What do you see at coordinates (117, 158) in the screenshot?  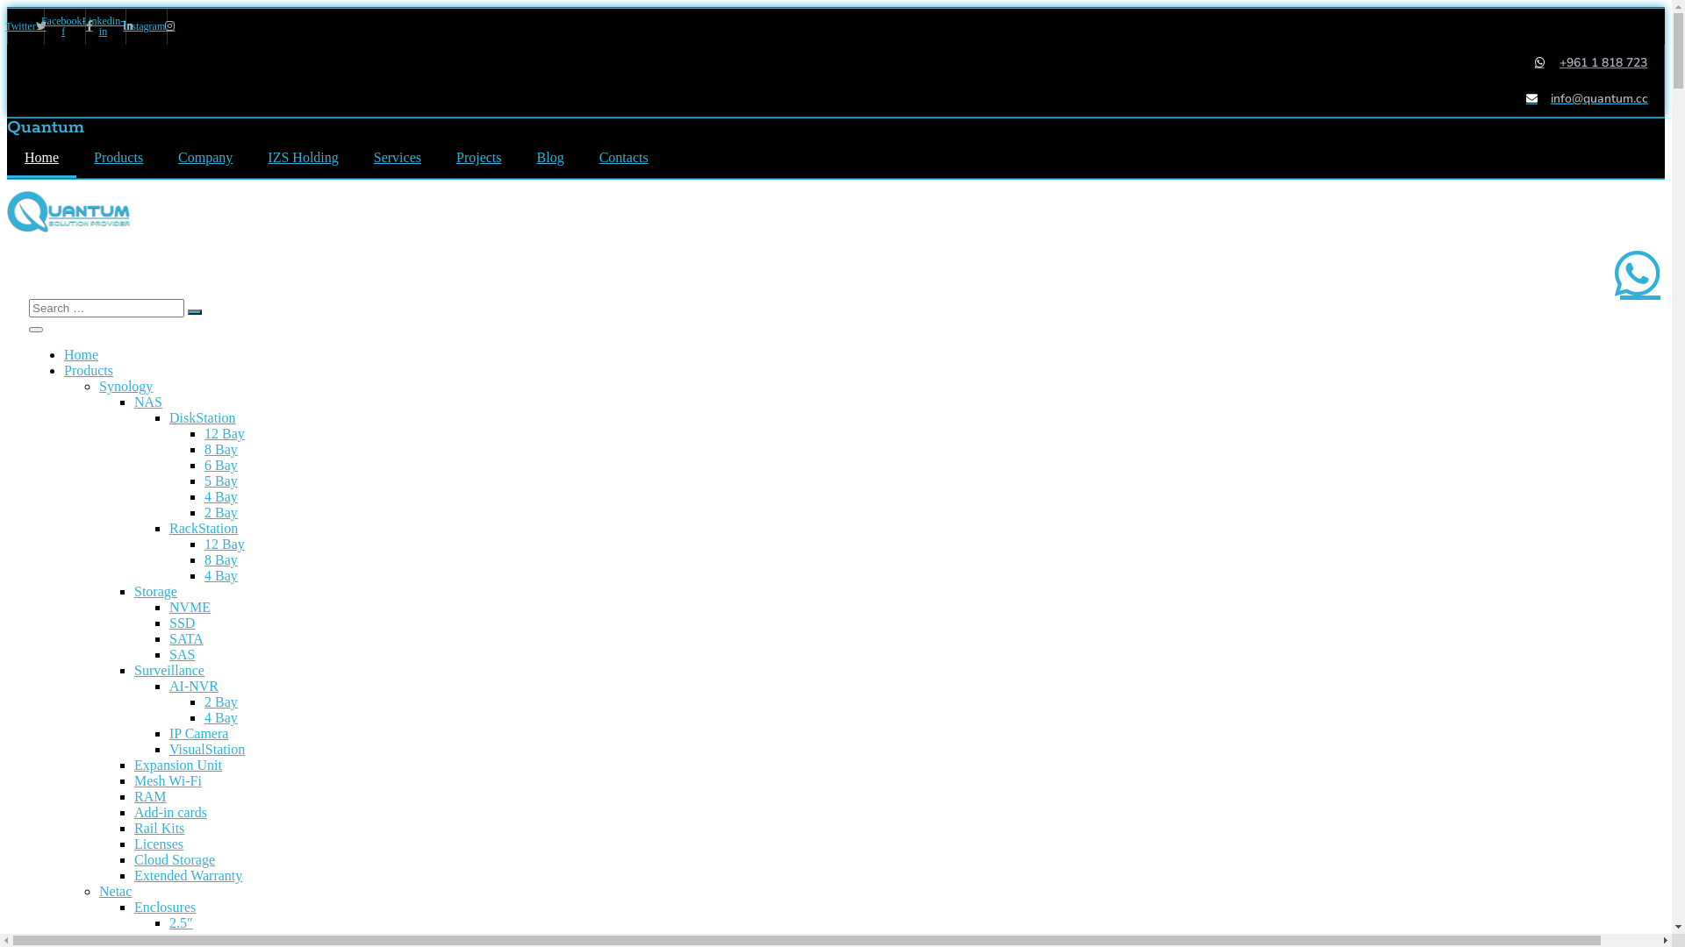 I see `'Products'` at bounding box center [117, 158].